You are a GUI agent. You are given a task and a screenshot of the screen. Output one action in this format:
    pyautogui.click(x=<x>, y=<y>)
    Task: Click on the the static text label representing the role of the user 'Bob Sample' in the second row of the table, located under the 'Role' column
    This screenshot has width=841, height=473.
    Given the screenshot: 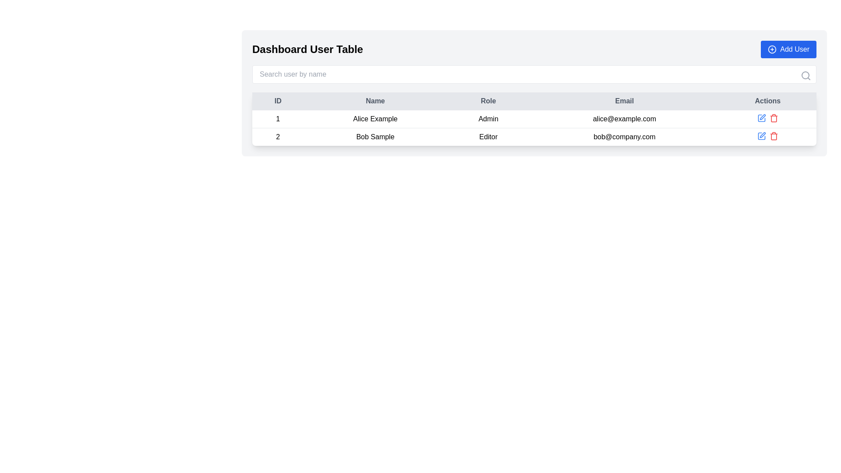 What is the action you would take?
    pyautogui.click(x=488, y=137)
    